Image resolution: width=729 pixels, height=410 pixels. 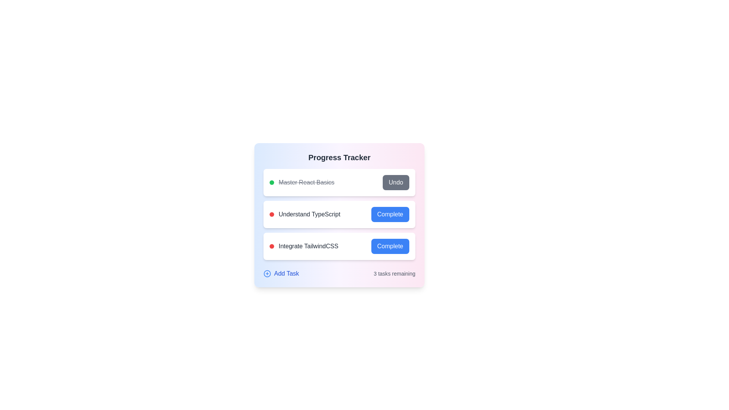 What do you see at coordinates (271, 183) in the screenshot?
I see `the small circular green indicator located to the left of the text 'Master React Basics' in the top entry of the list` at bounding box center [271, 183].